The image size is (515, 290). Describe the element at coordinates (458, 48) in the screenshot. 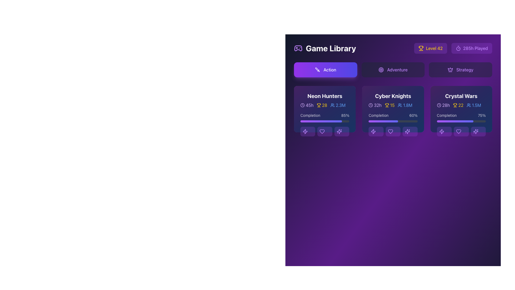

I see `the circular purple timer icon located in the upper right of the '285h Played' section, positioned to the left of the text '285h Played'` at that location.